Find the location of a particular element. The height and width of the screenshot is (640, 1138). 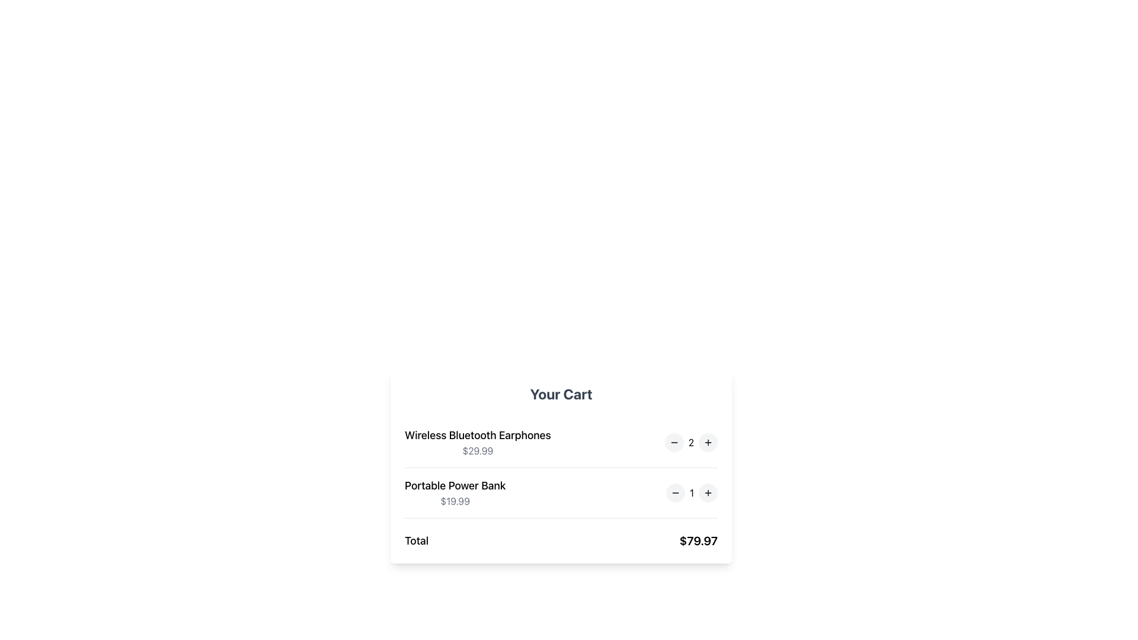

the text label displaying 'Portable Power Bank' which is prominently styled and located under the header 'Your Cart' is located at coordinates (455, 486).